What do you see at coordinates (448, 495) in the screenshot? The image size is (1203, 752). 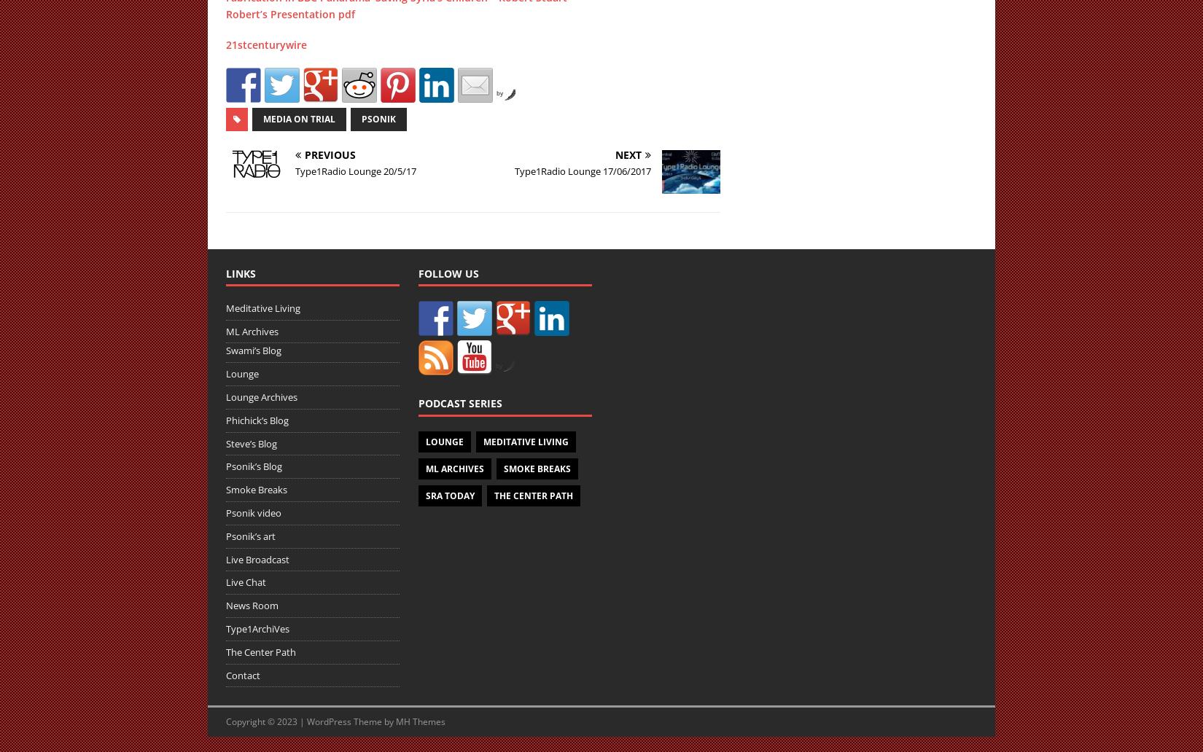 I see `'SRA Today'` at bounding box center [448, 495].